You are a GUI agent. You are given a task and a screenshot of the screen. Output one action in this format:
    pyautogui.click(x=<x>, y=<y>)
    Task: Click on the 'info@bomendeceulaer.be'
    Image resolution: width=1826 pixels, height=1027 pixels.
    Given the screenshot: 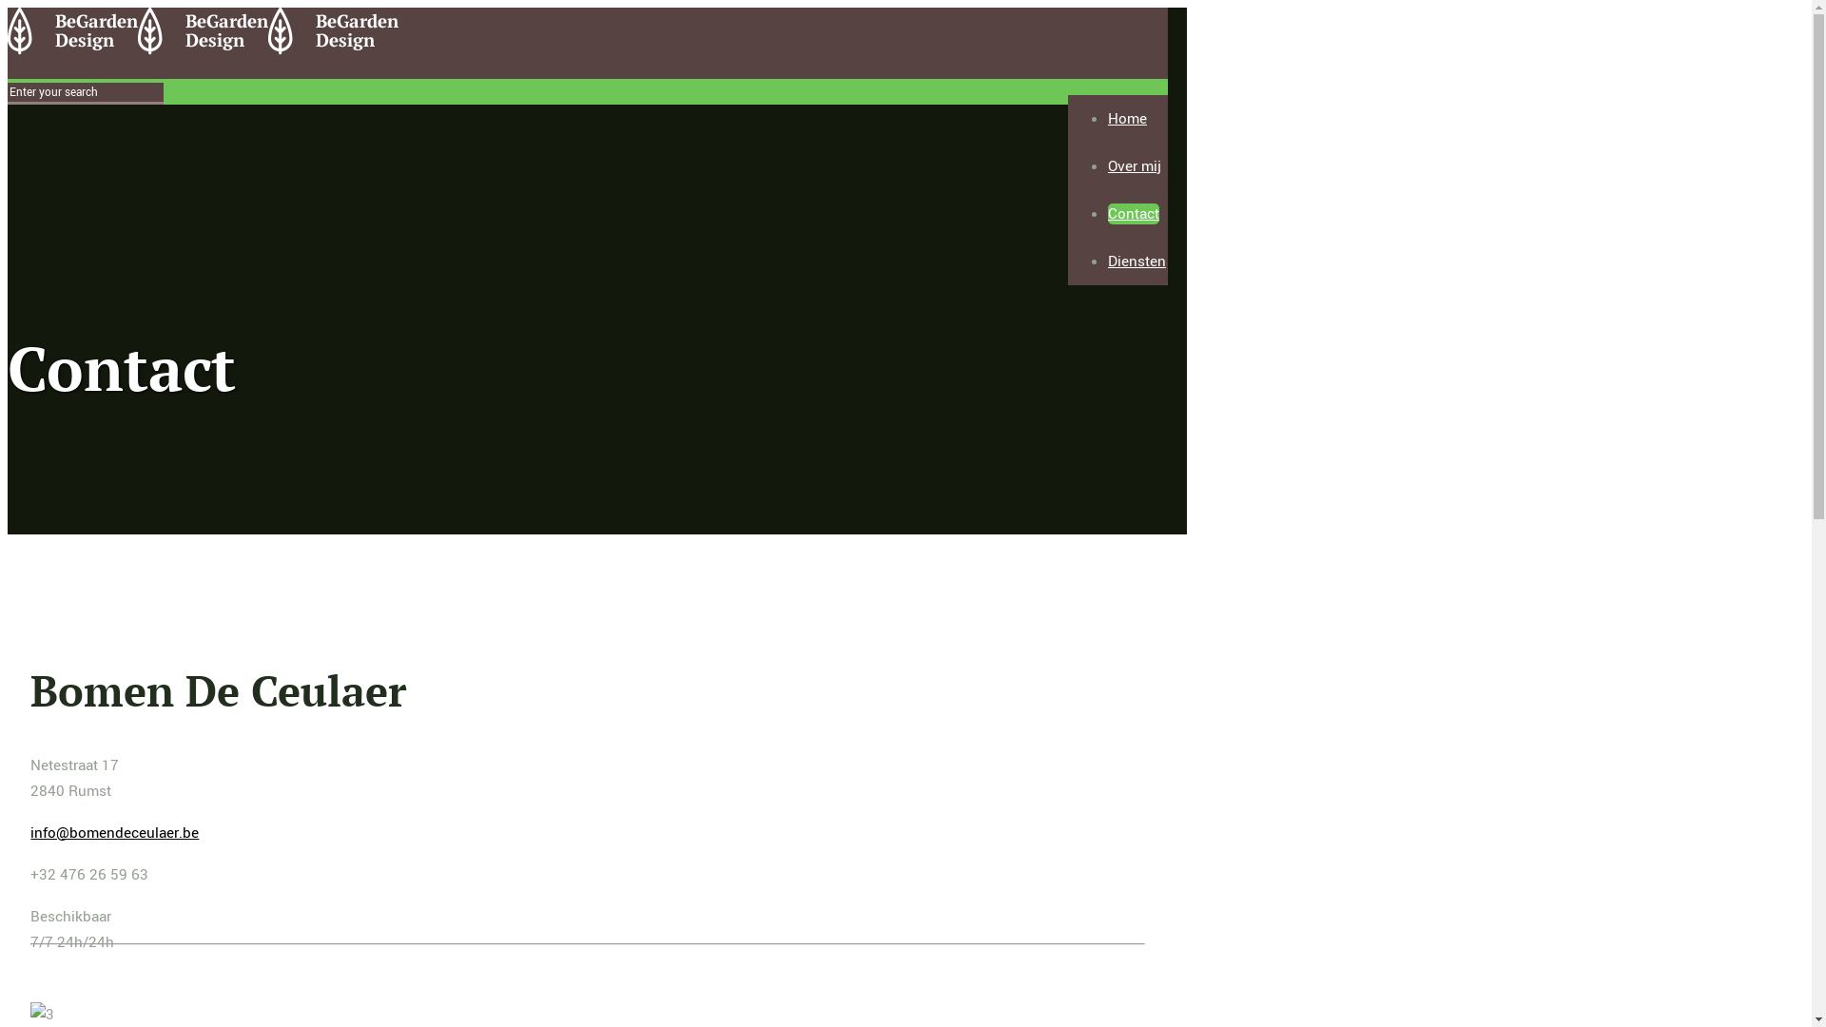 What is the action you would take?
    pyautogui.click(x=113, y=831)
    